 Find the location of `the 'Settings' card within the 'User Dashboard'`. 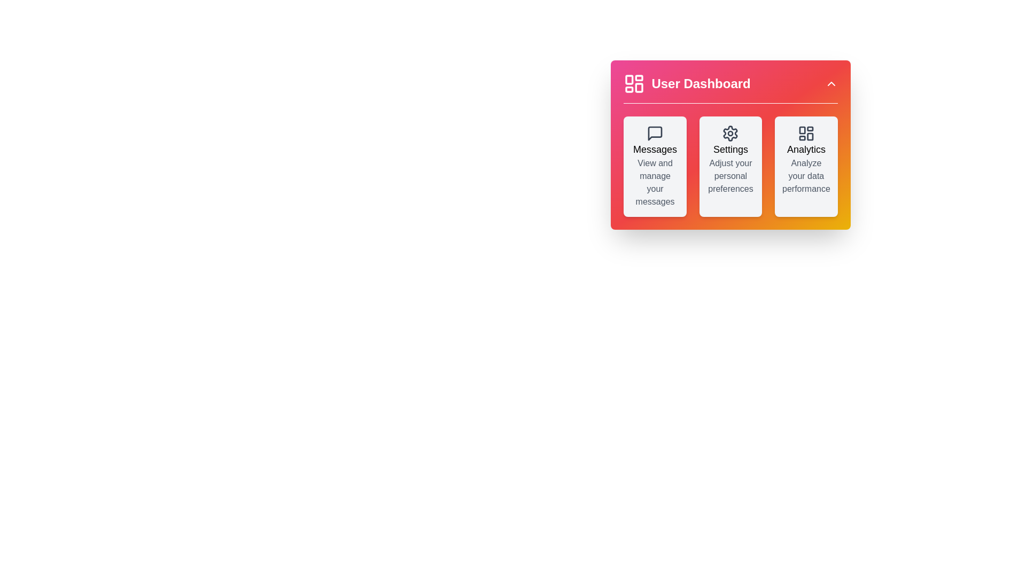

the 'Settings' card within the 'User Dashboard' is located at coordinates (730, 145).